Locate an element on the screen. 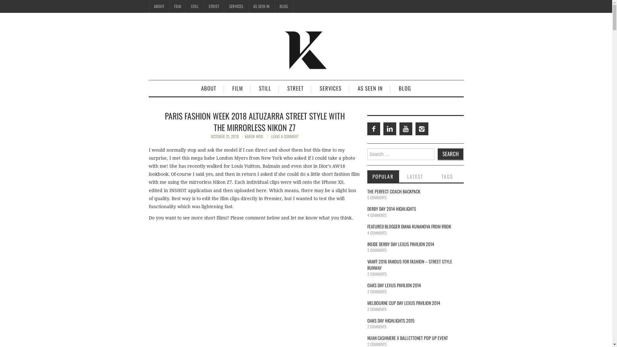  'SERVICES' is located at coordinates (236, 6).